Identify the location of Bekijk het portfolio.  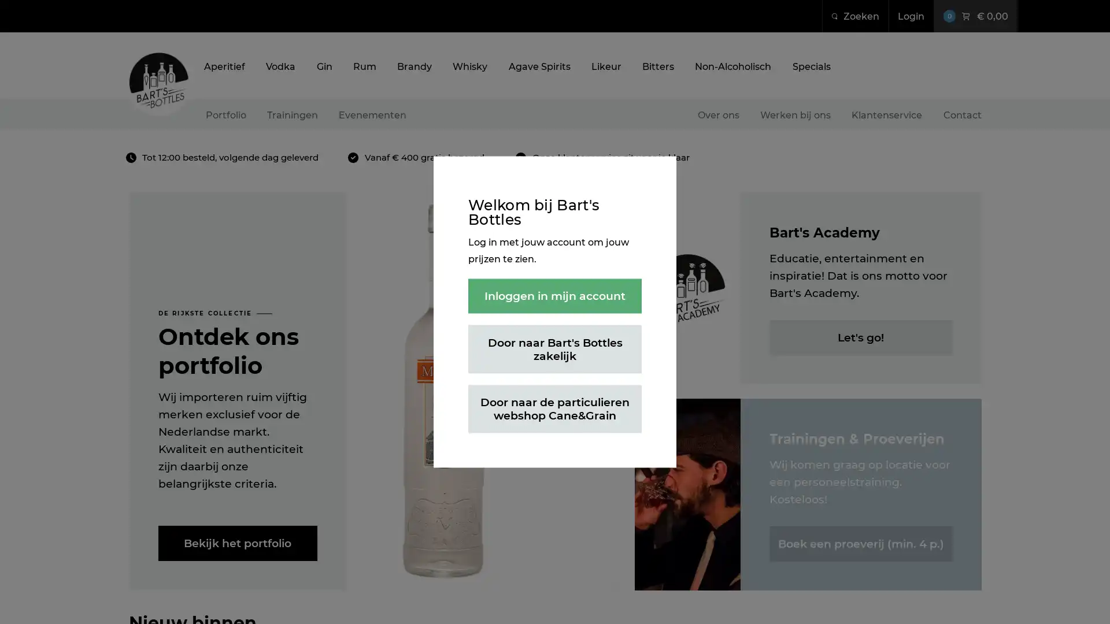
(236, 543).